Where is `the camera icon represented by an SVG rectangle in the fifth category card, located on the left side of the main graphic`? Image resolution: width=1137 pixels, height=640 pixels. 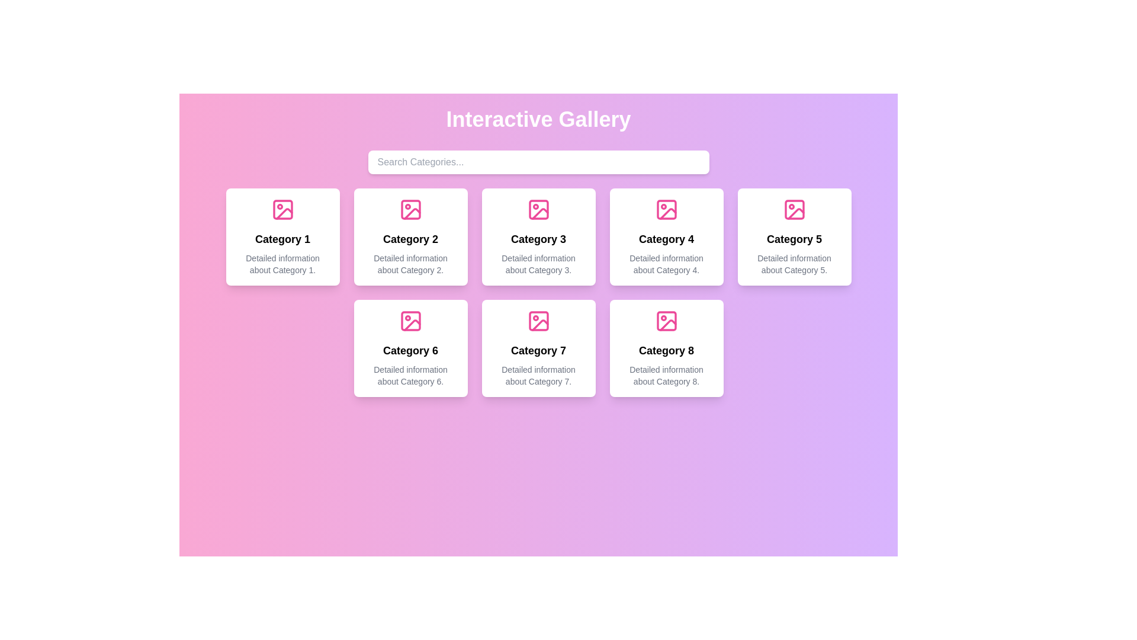 the camera icon represented by an SVG rectangle in the fifth category card, located on the left side of the main graphic is located at coordinates (794, 209).